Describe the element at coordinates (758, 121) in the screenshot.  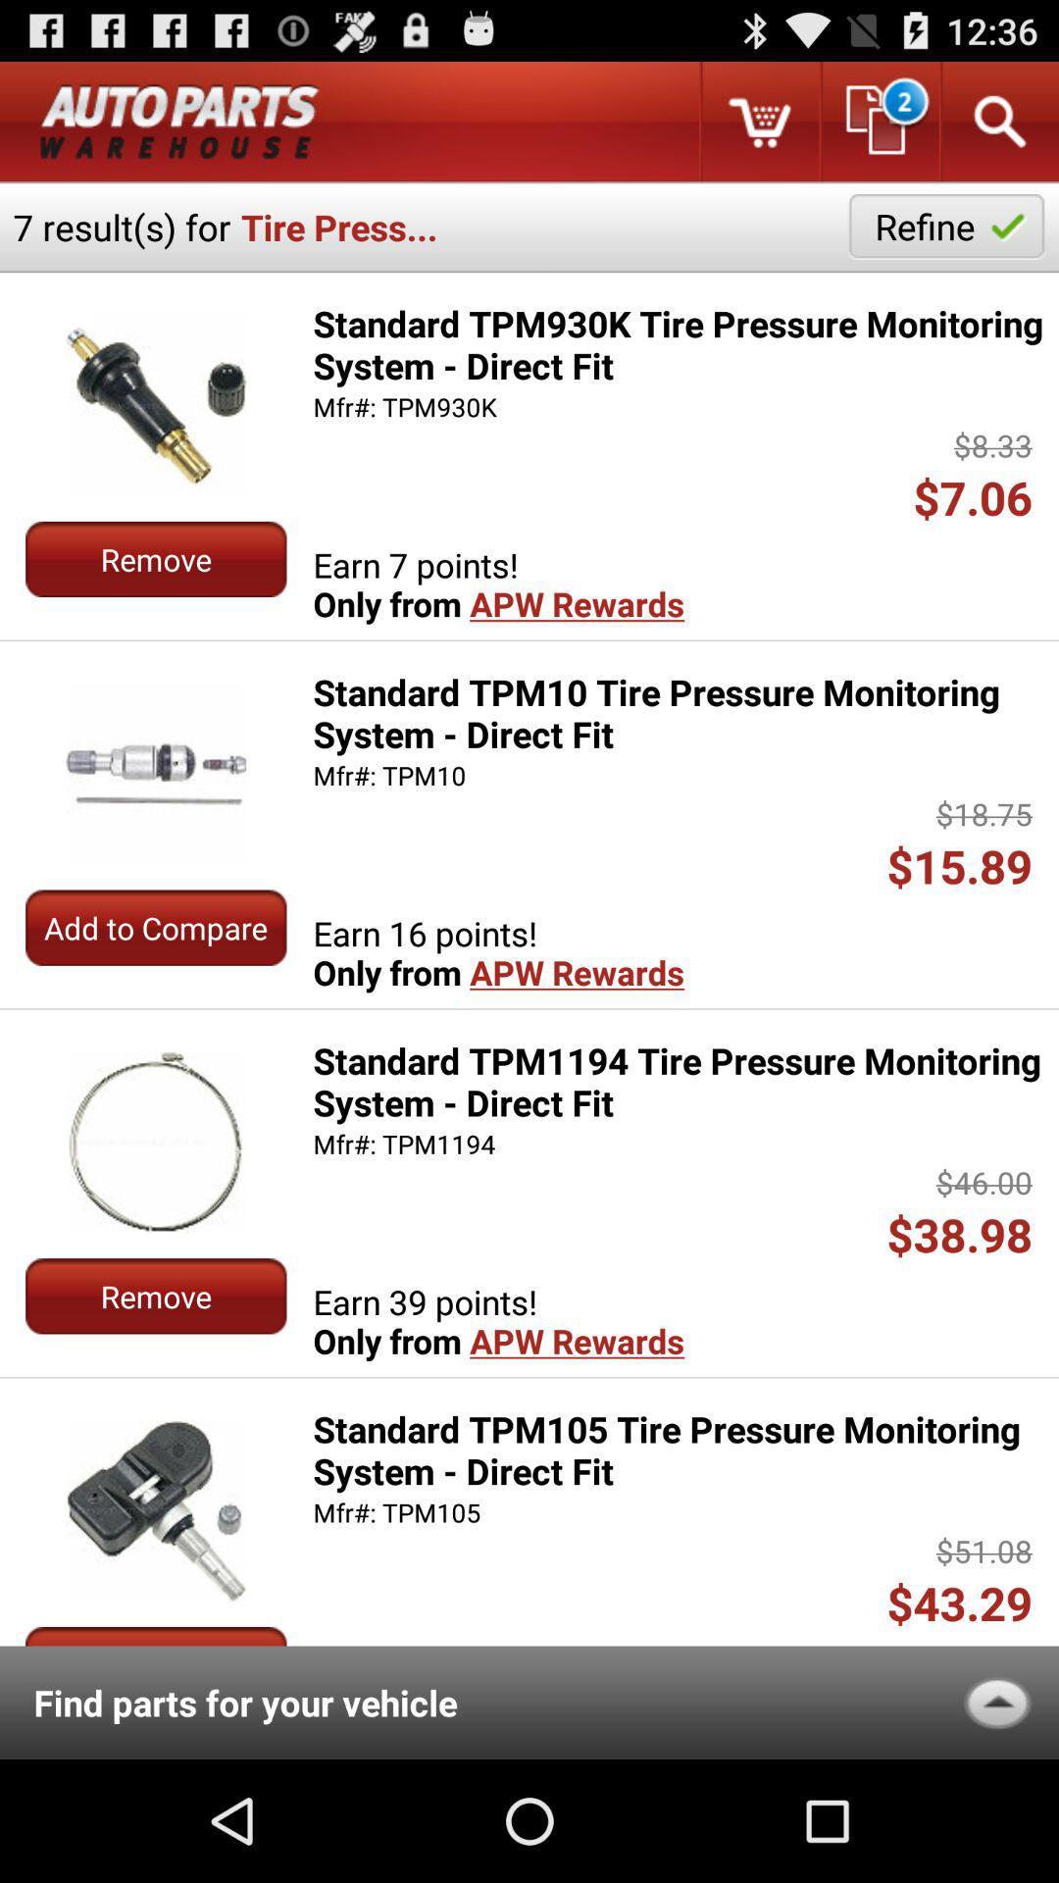
I see `open cart` at that location.